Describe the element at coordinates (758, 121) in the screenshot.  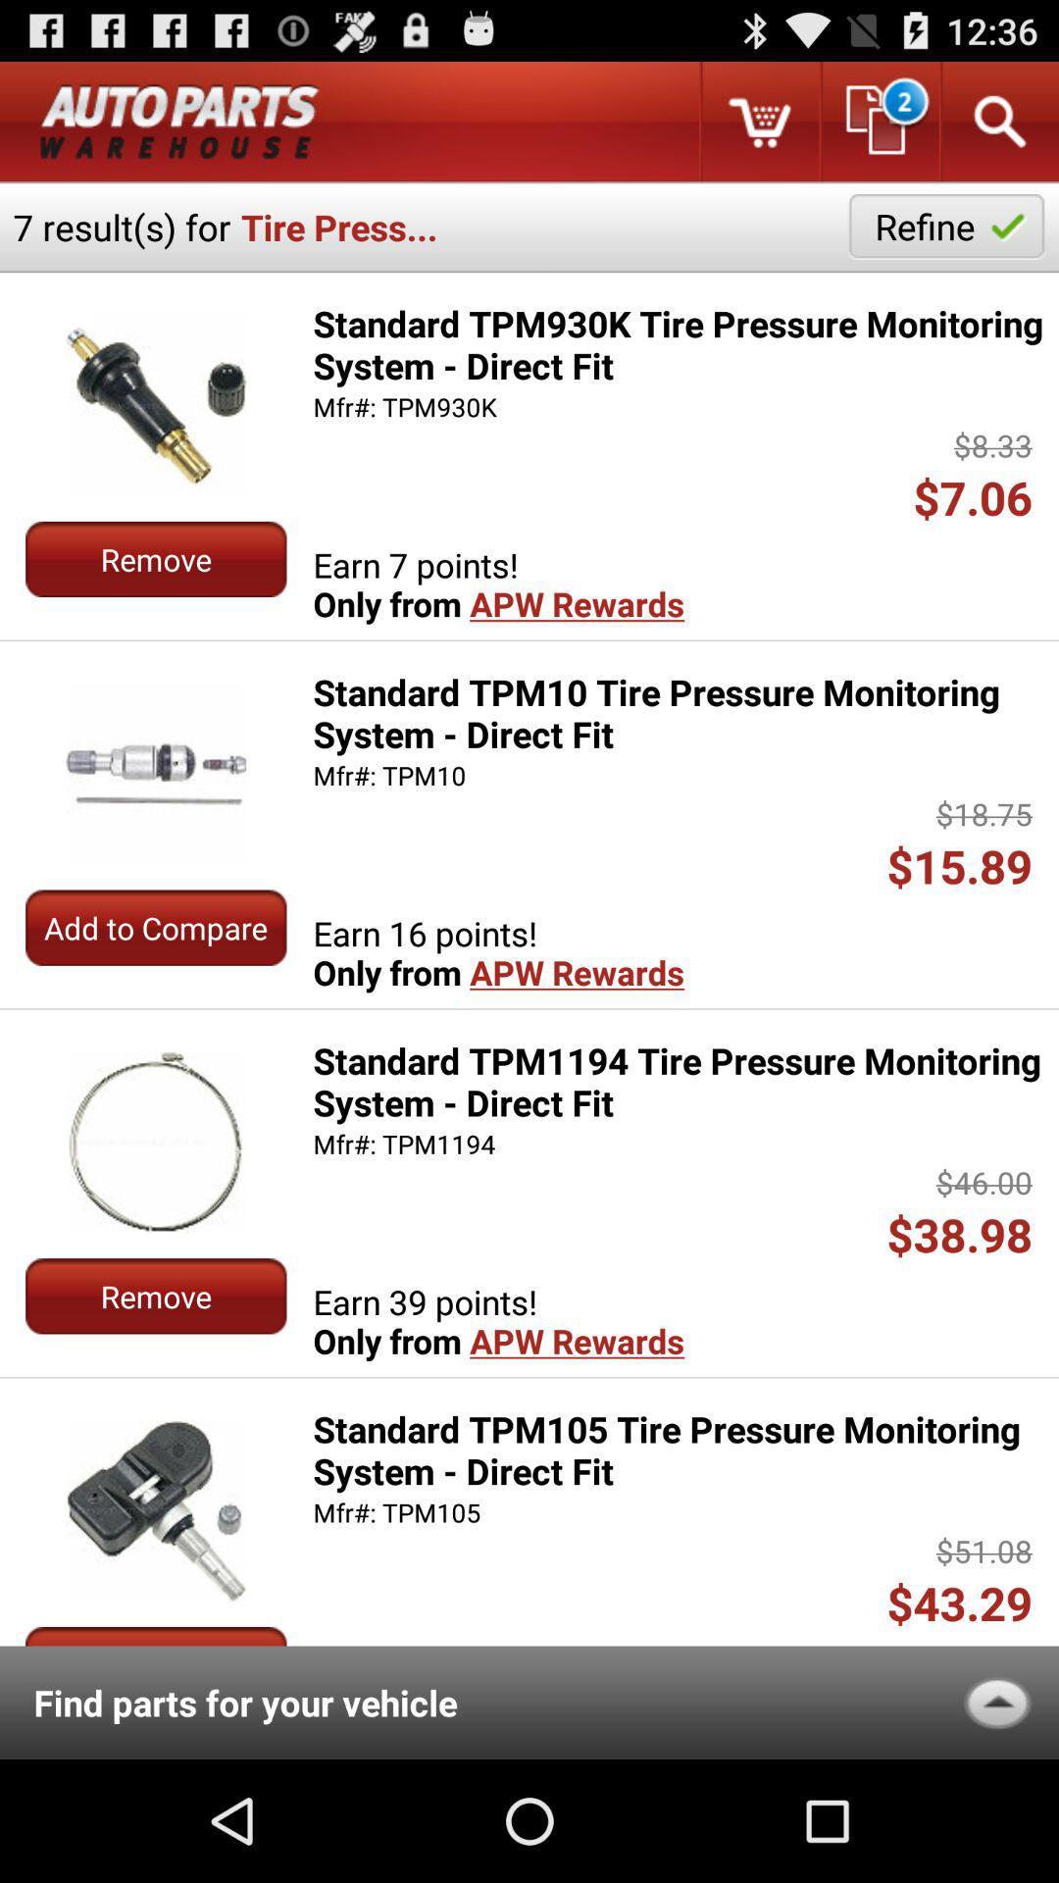
I see `open cart` at that location.